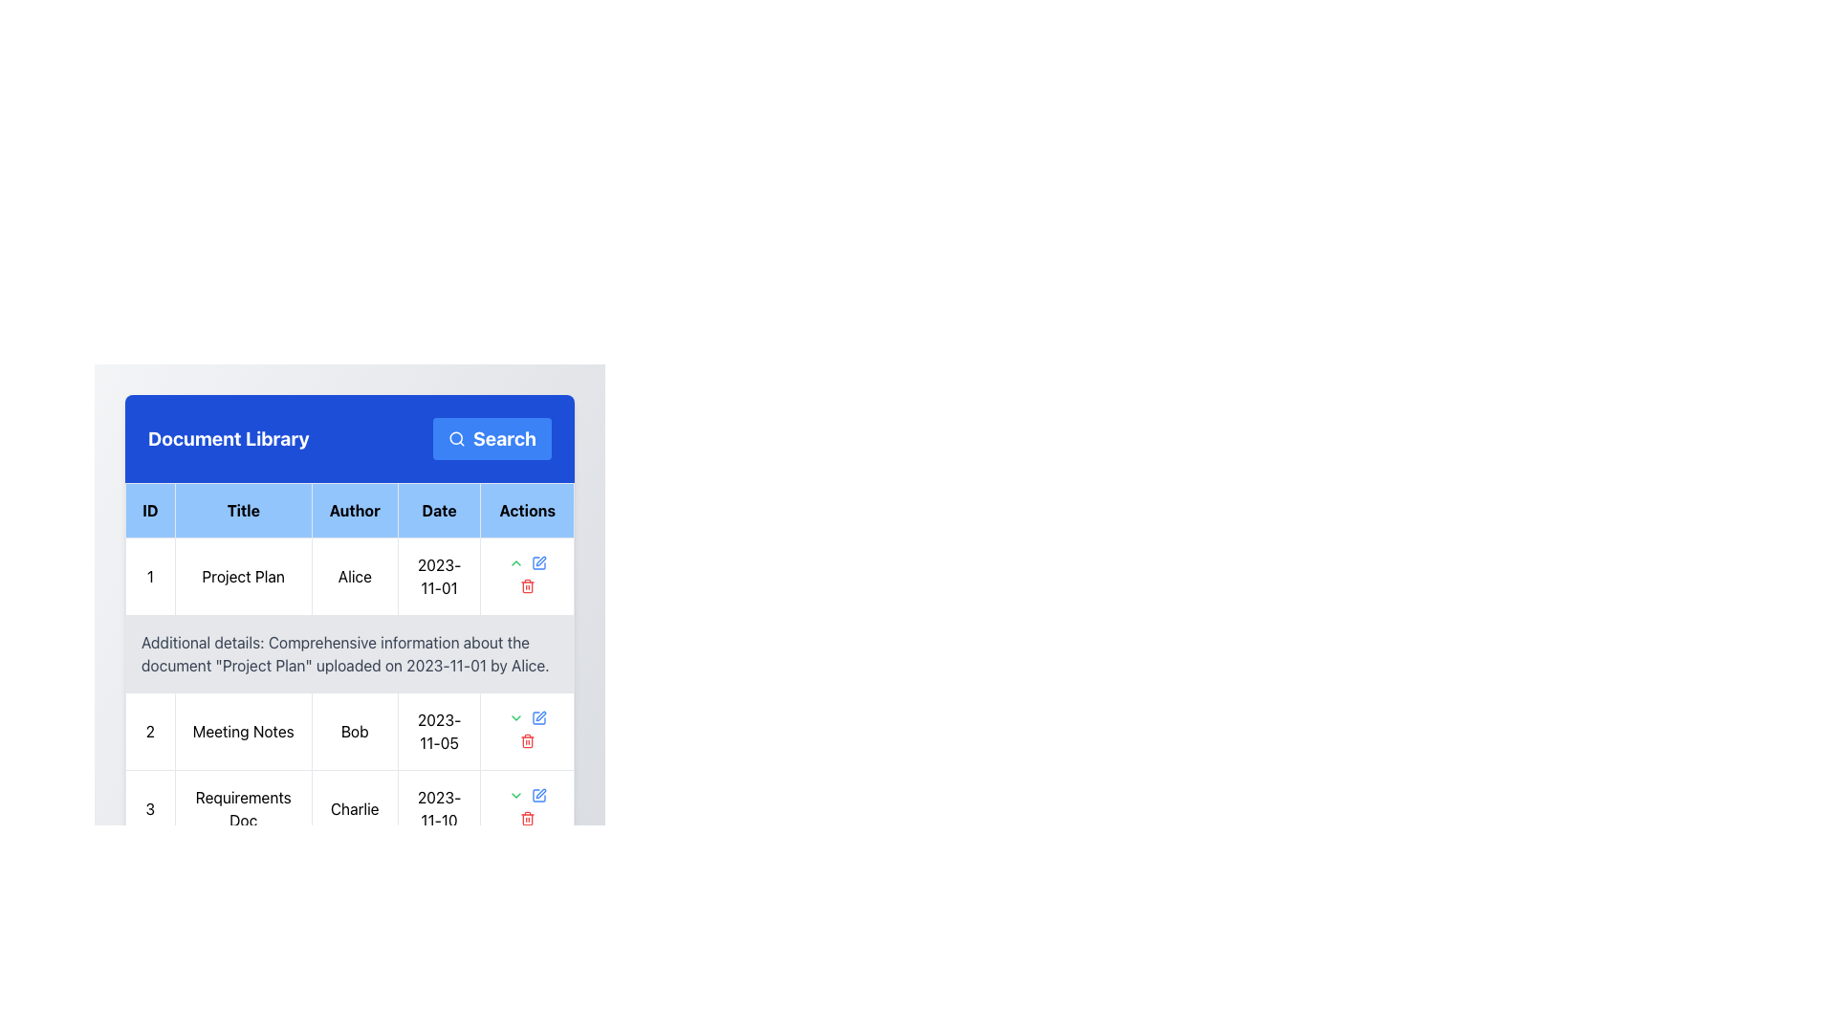 This screenshot has height=1033, width=1836. Describe the element at coordinates (527, 585) in the screenshot. I see `the red trash bin icon in the 'Actions' column of the first row of the data table` at that location.